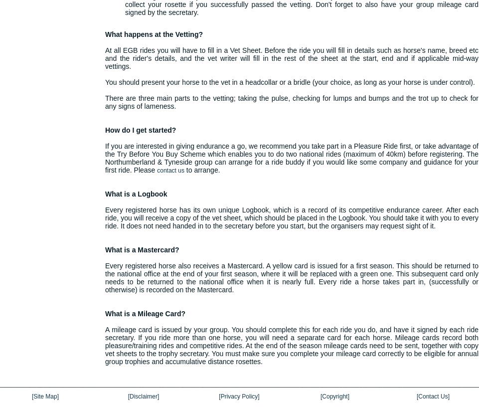 The image size is (479, 407). I want to click on '[Disclaimer]', so click(143, 397).